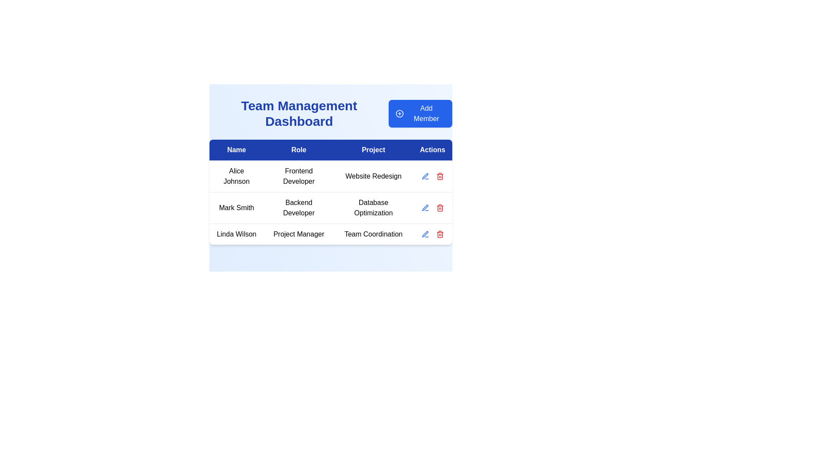 The width and height of the screenshot is (831, 467). What do you see at coordinates (299, 113) in the screenshot?
I see `the bold blue text heading reading 'Team Management Dashboard', which is positioned above the 'Add Member' button and centered horizontally within the page` at bounding box center [299, 113].